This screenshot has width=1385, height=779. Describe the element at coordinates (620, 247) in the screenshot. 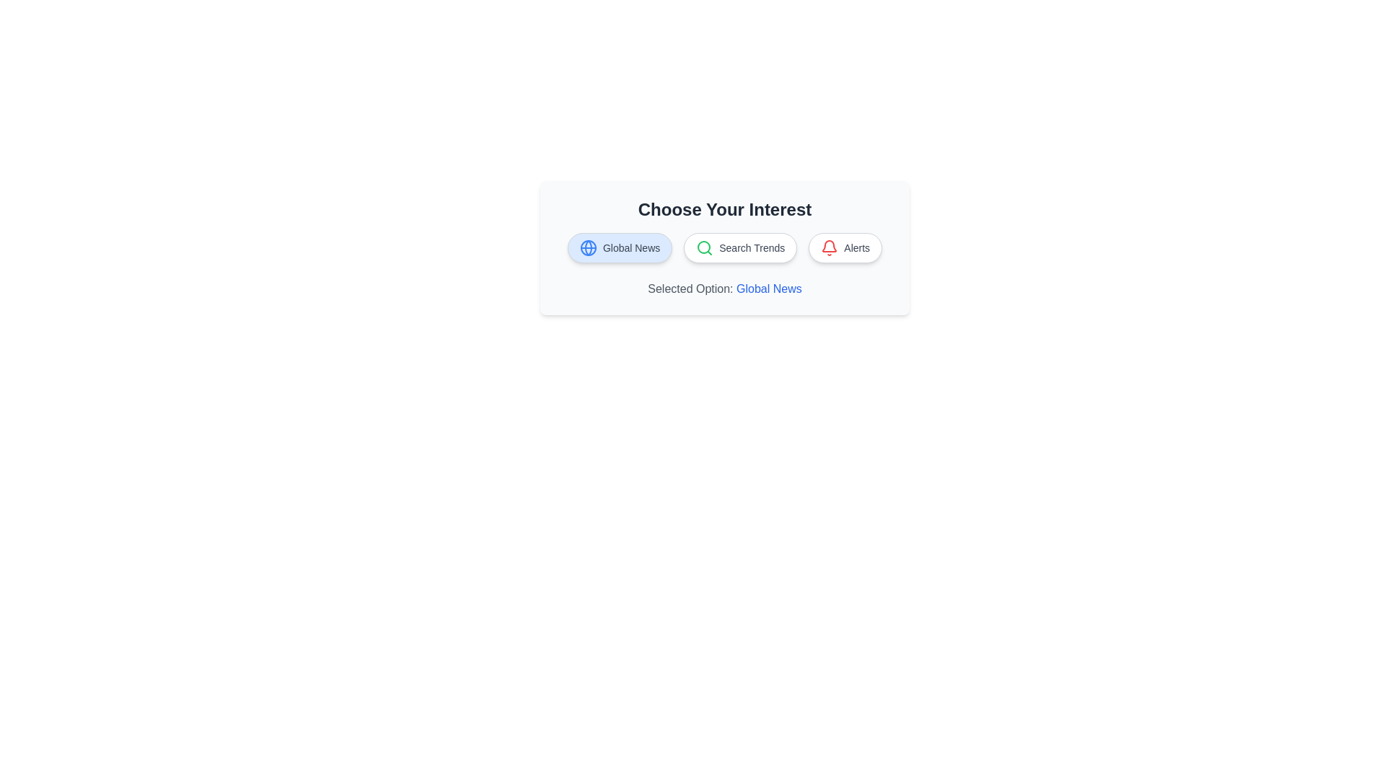

I see `the chip labeled Global News to see its hover effect` at that location.